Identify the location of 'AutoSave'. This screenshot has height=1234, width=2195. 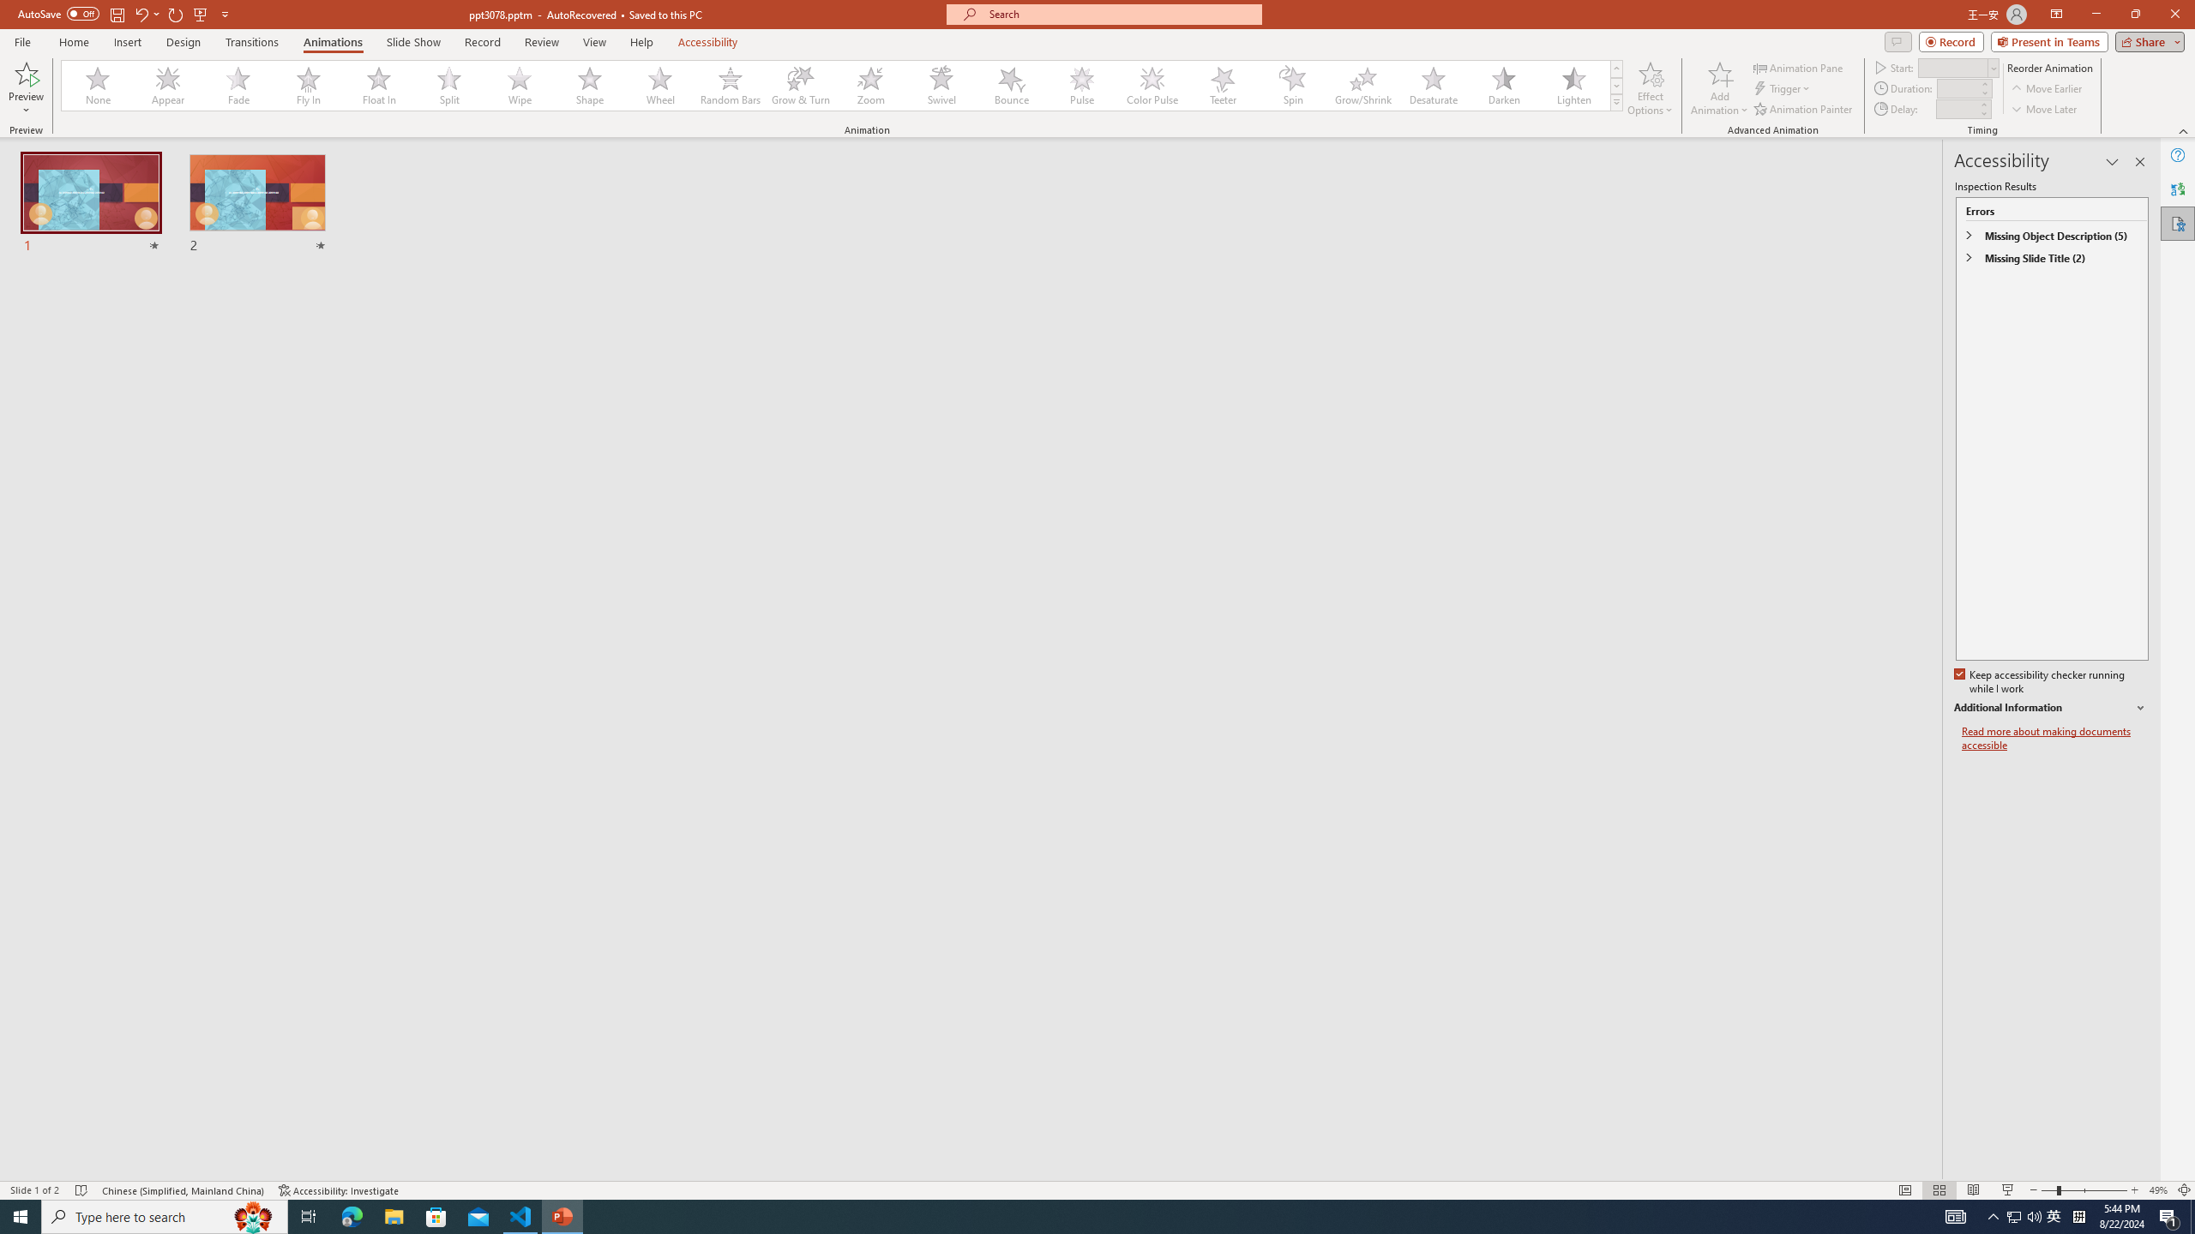
(59, 13).